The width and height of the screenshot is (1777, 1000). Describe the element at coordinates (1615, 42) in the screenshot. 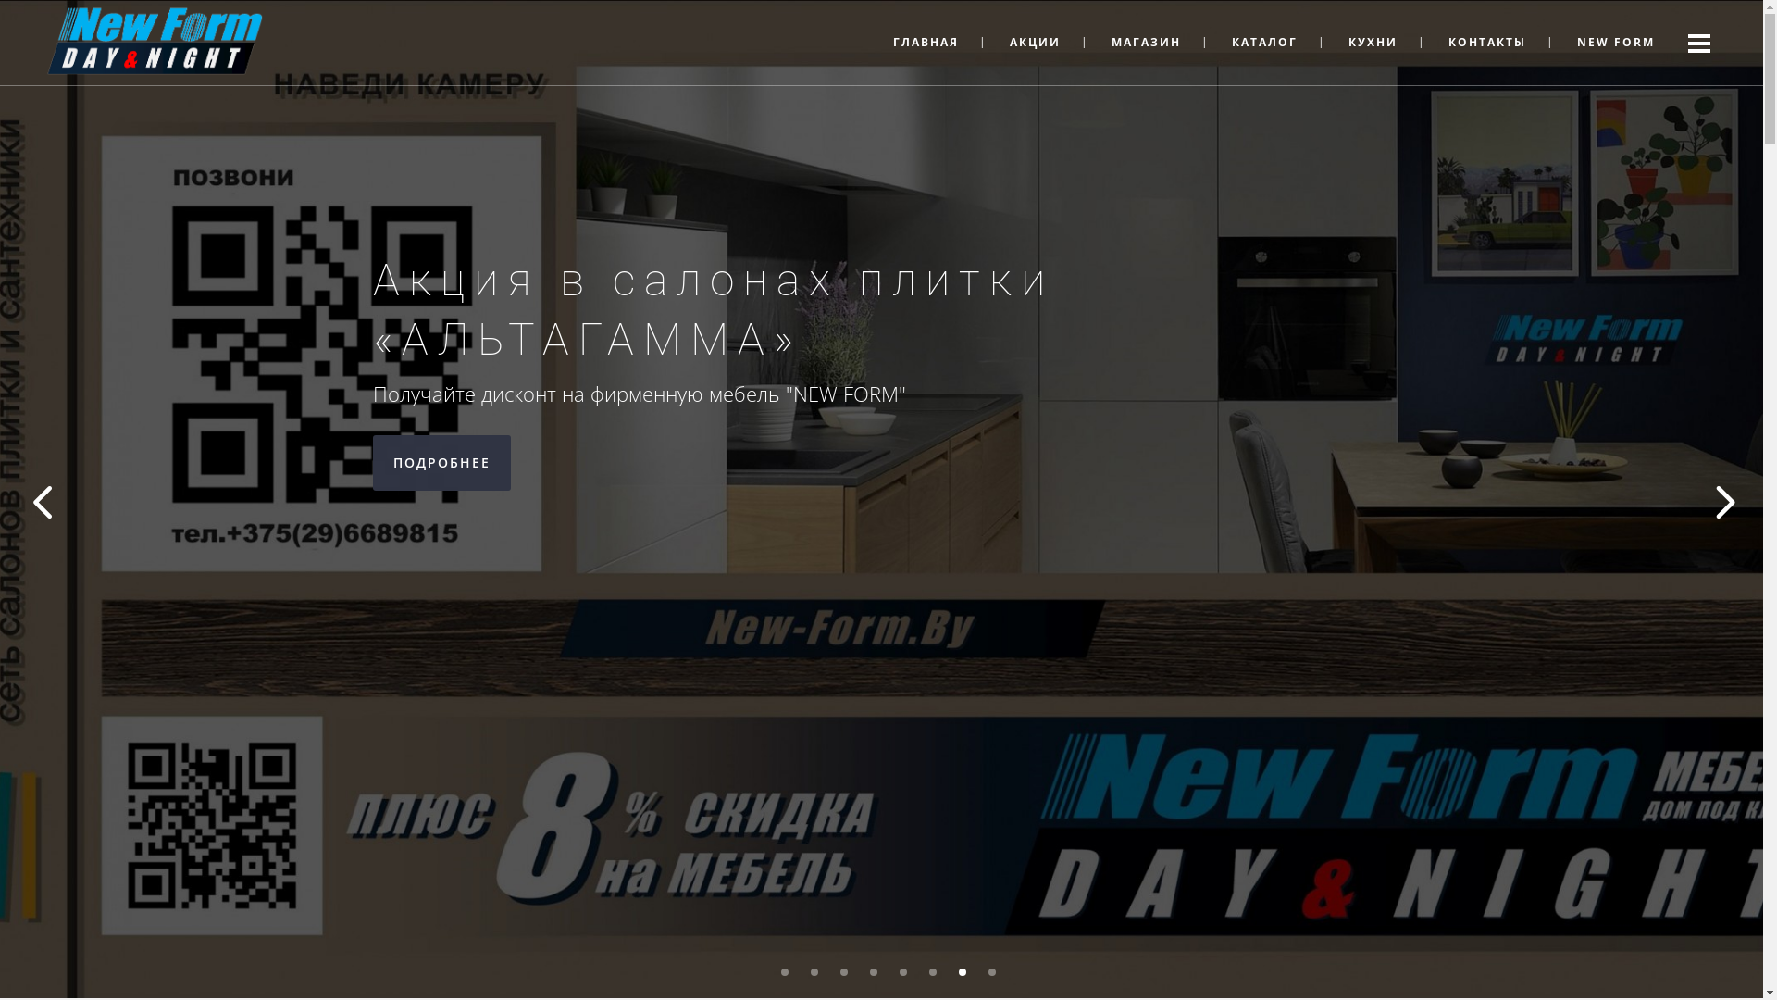

I see `'NEW FORM'` at that location.